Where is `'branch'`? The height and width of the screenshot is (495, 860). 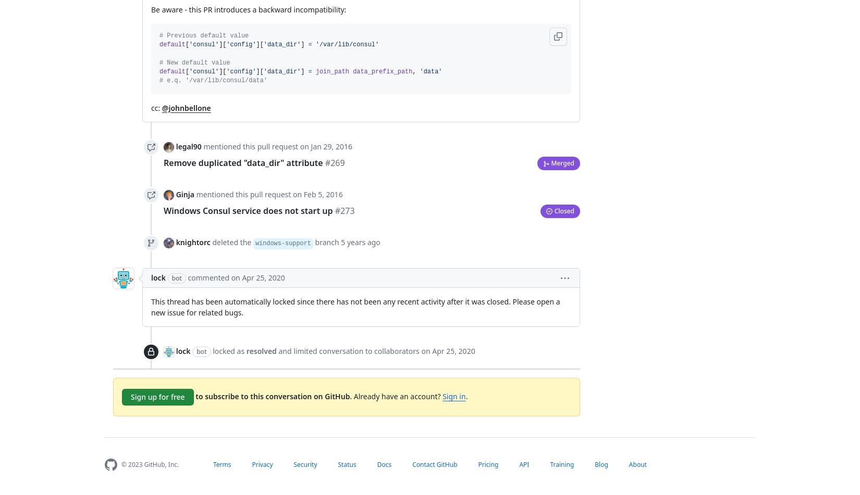
'branch' is located at coordinates (326, 242).